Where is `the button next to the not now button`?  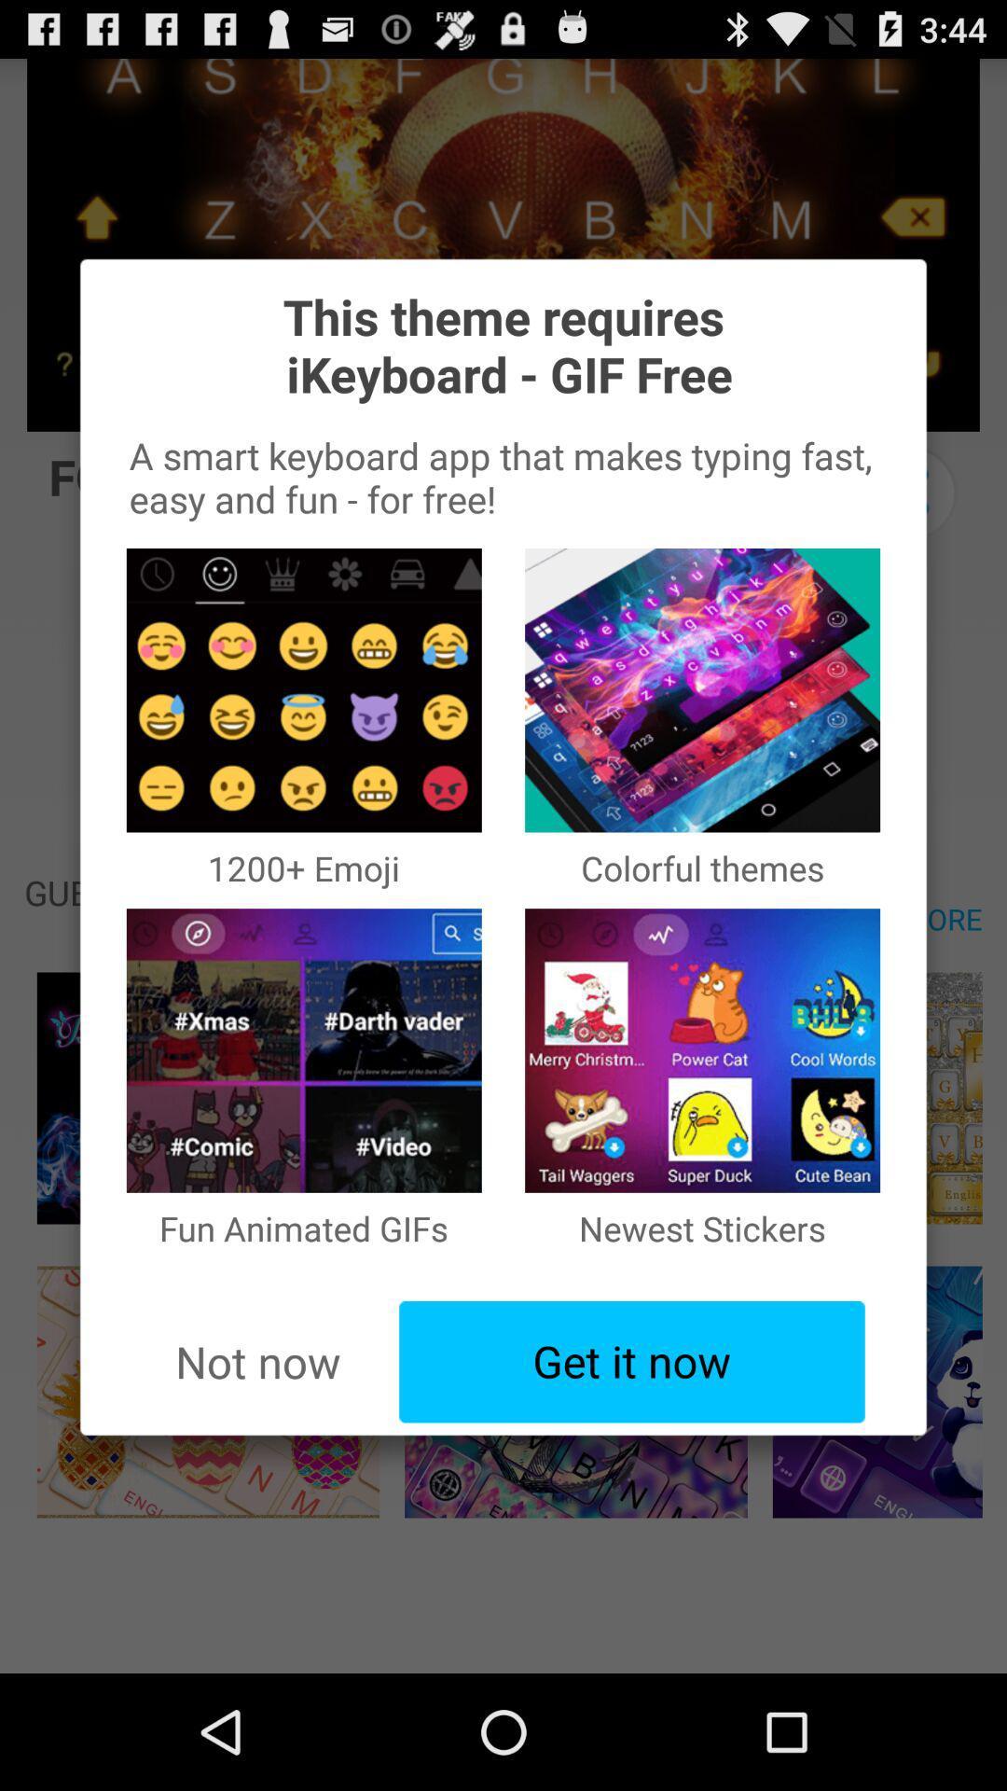 the button next to the not now button is located at coordinates (631, 1362).